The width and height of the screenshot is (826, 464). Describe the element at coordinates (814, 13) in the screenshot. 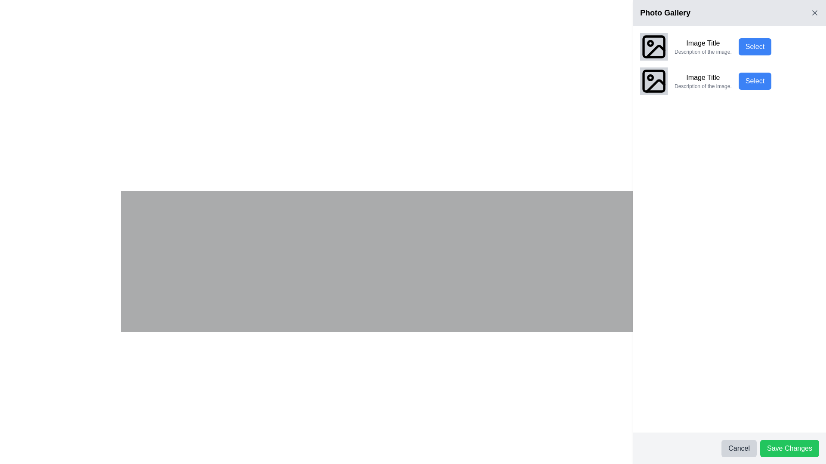

I see `the 'X' button located at the top-right of the modal window` at that location.